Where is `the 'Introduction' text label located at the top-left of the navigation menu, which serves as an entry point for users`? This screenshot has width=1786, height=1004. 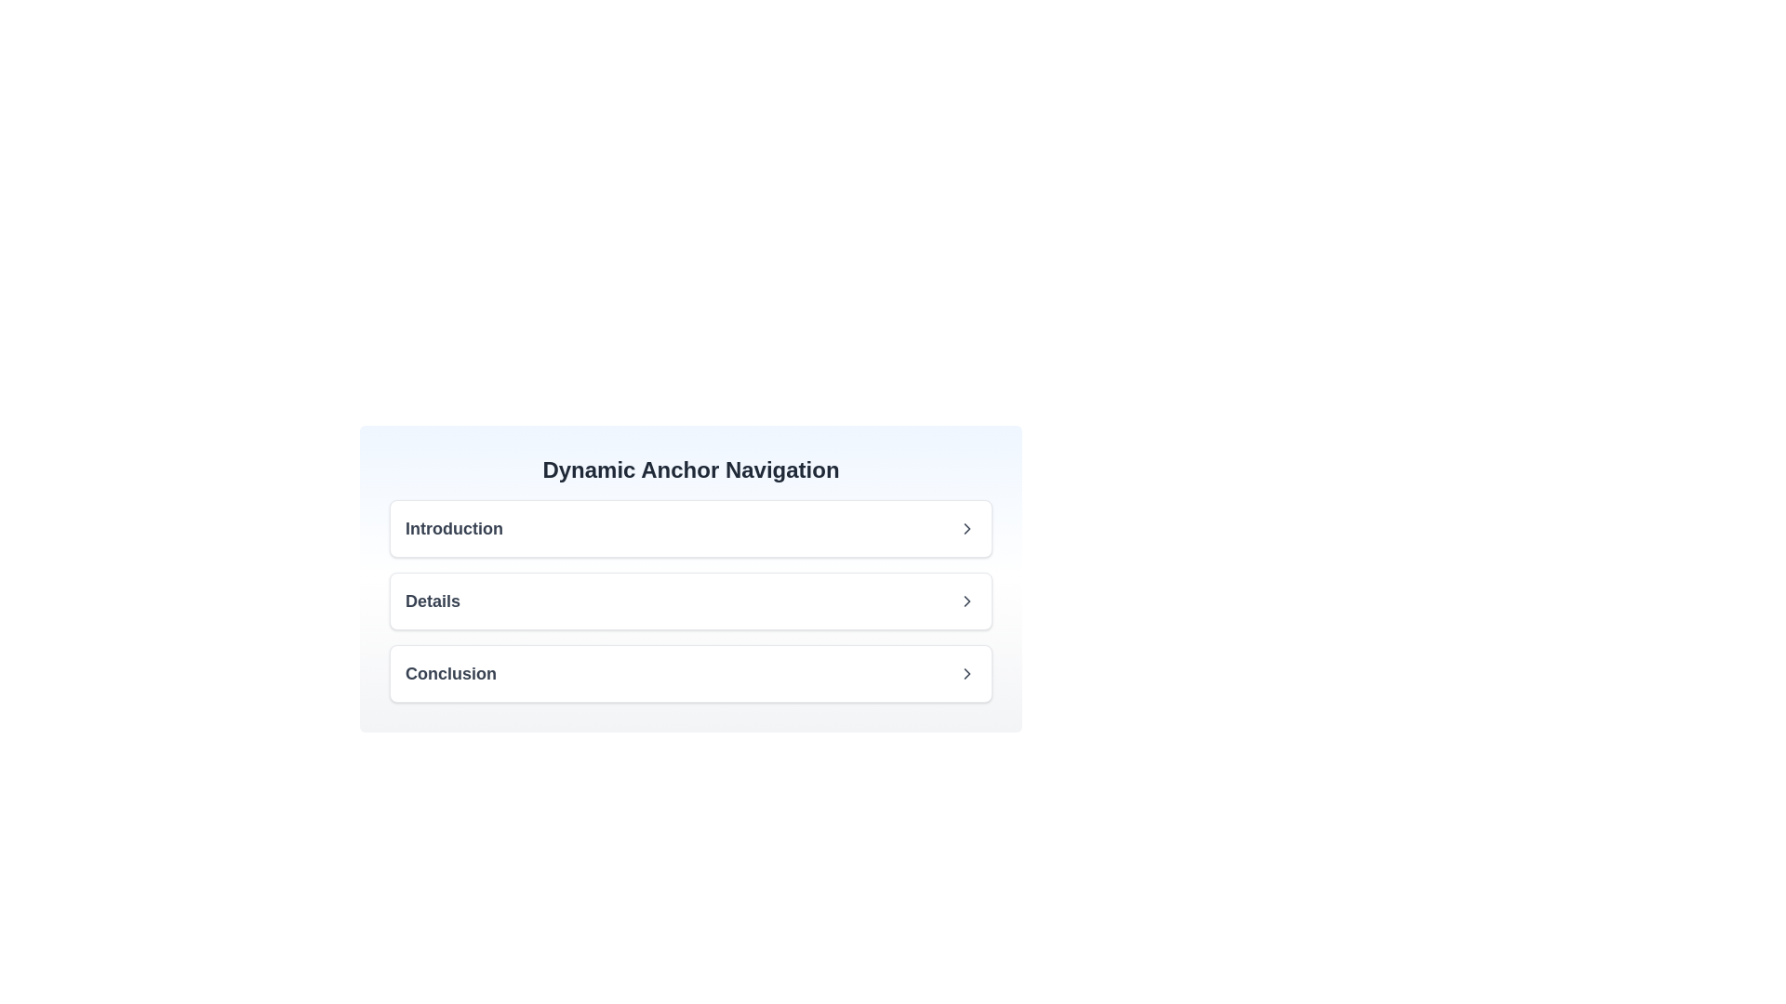
the 'Introduction' text label located at the top-left of the navigation menu, which serves as an entry point for users is located at coordinates (454, 529).